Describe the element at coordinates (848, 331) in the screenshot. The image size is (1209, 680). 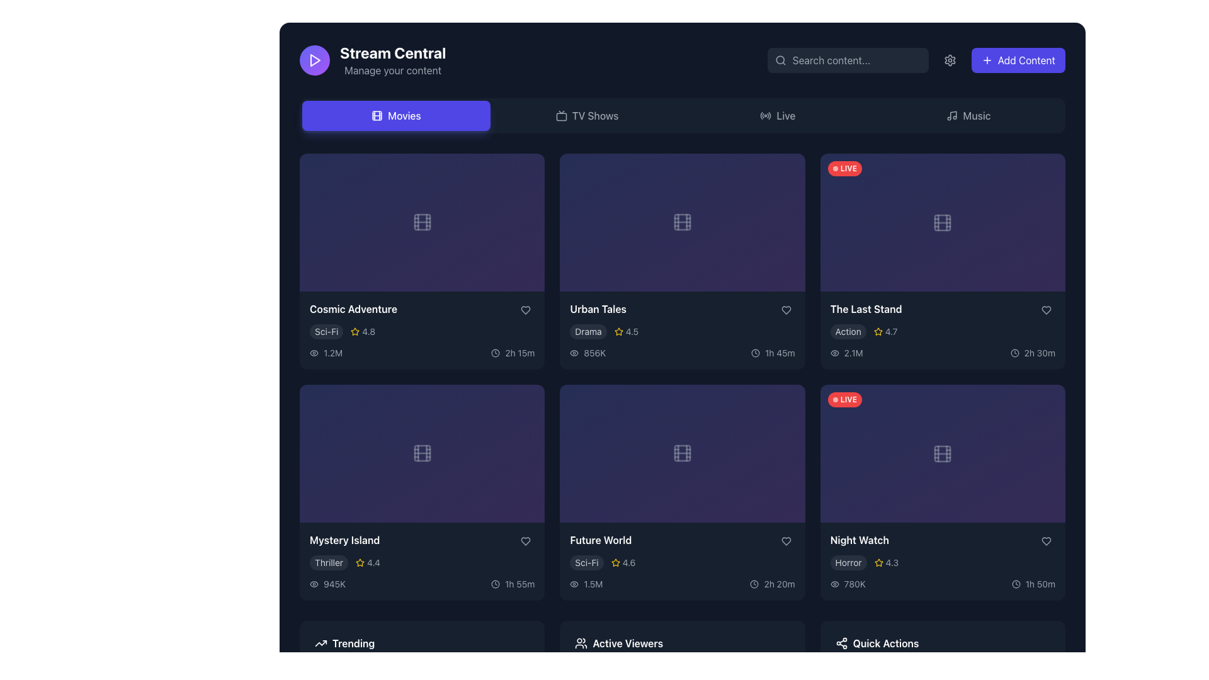
I see `the label with rounded edges and light-gray text displaying 'Action', located below the title 'The Last Stand' in the top-right card of the third row of the grid layout` at that location.